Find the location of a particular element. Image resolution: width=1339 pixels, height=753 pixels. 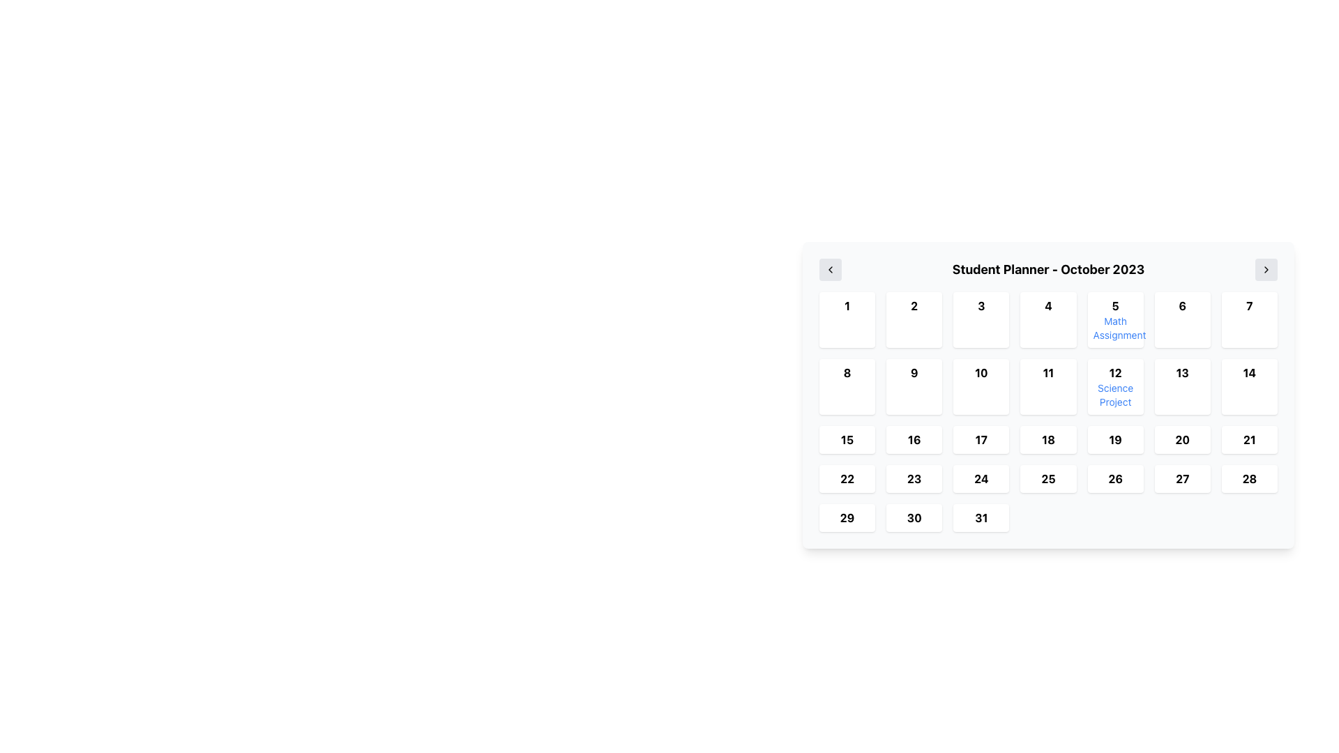

the bold text '27' in the calendar view is located at coordinates (1181, 478).